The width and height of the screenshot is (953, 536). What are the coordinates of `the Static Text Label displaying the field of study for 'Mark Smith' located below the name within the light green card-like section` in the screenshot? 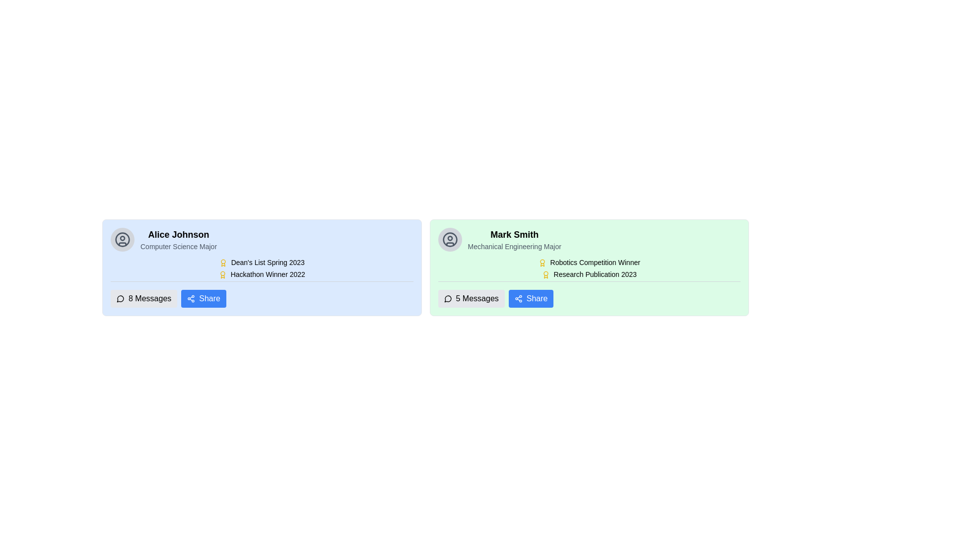 It's located at (514, 246).